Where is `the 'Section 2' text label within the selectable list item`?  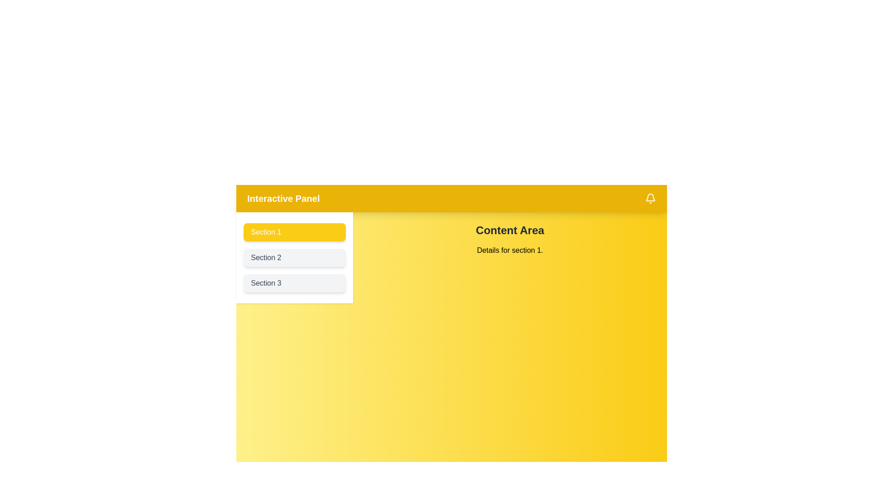 the 'Section 2' text label within the selectable list item is located at coordinates (266, 257).